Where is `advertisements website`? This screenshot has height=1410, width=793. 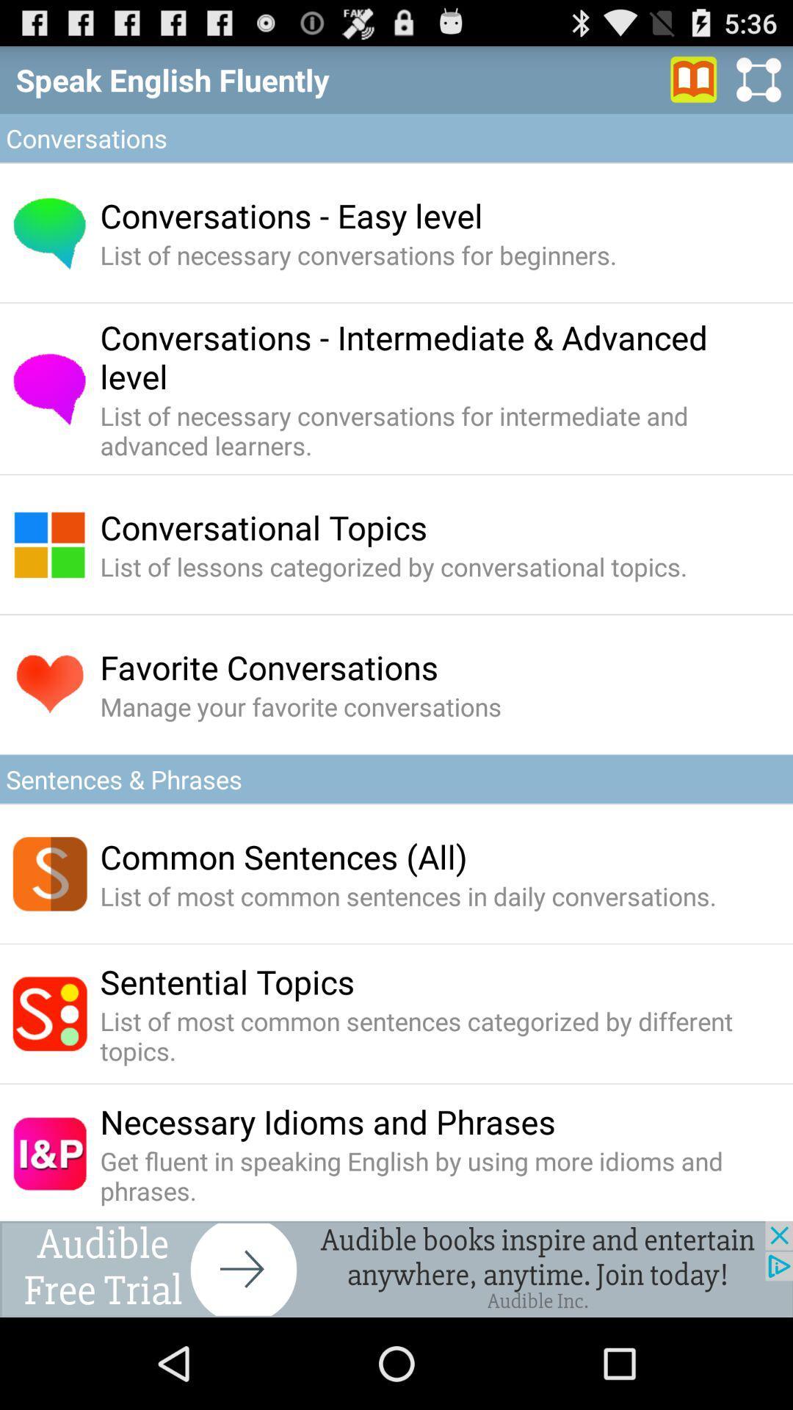 advertisements website is located at coordinates (396, 1268).